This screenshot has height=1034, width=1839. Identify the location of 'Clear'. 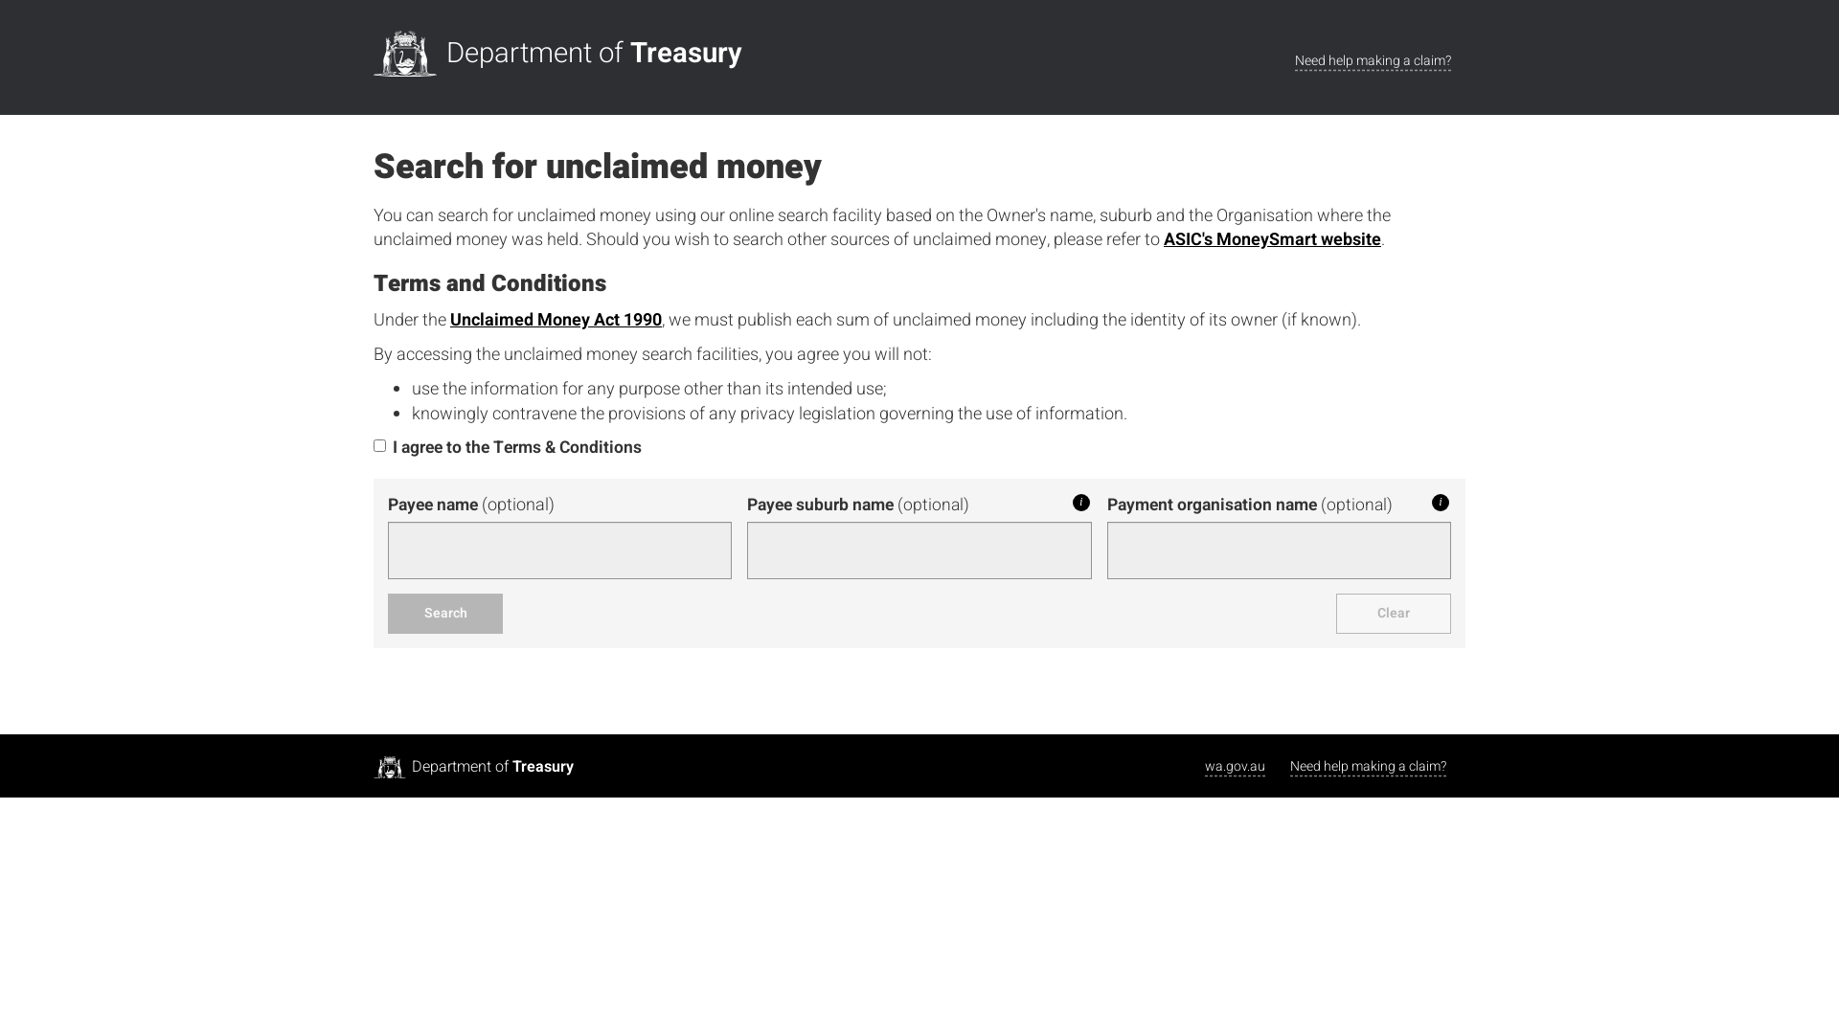
(1393, 613).